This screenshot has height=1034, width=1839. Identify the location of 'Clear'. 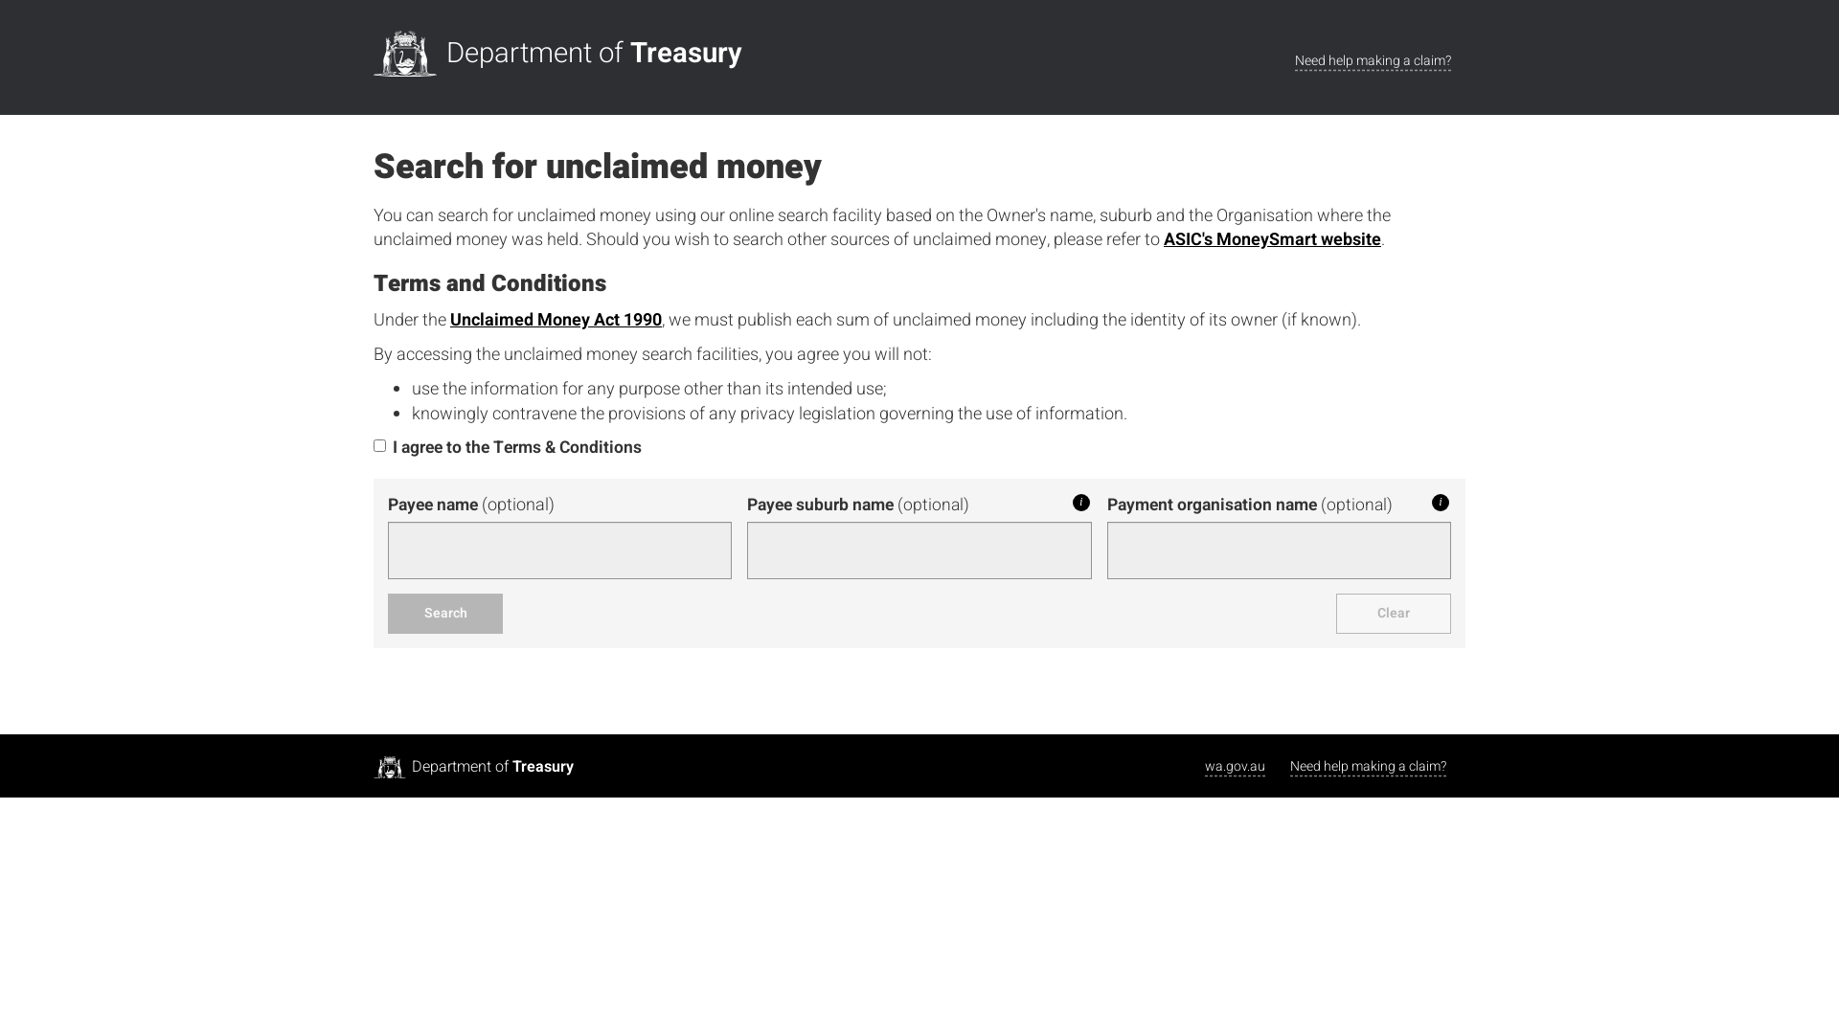
(1393, 613).